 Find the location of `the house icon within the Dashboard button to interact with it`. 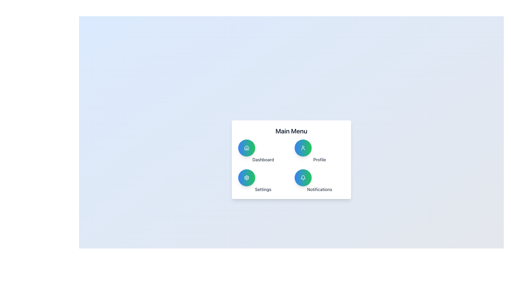

the house icon within the Dashboard button to interact with it is located at coordinates (246, 147).